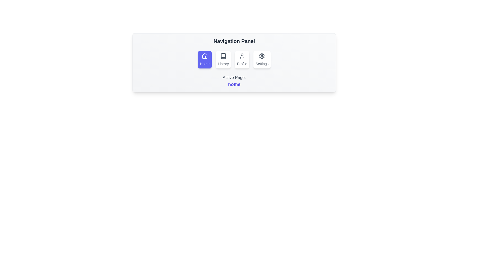 Image resolution: width=494 pixels, height=278 pixels. I want to click on the text labeled 'home', which is styled in a large indigo font and located adjacent to 'Active Page:', within the 'Navigation Panel', so click(234, 84).